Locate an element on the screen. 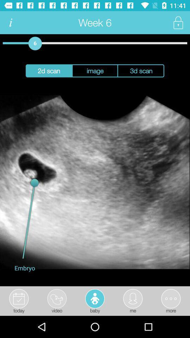  the icon to the left of the week 6 app is located at coordinates (10, 23).